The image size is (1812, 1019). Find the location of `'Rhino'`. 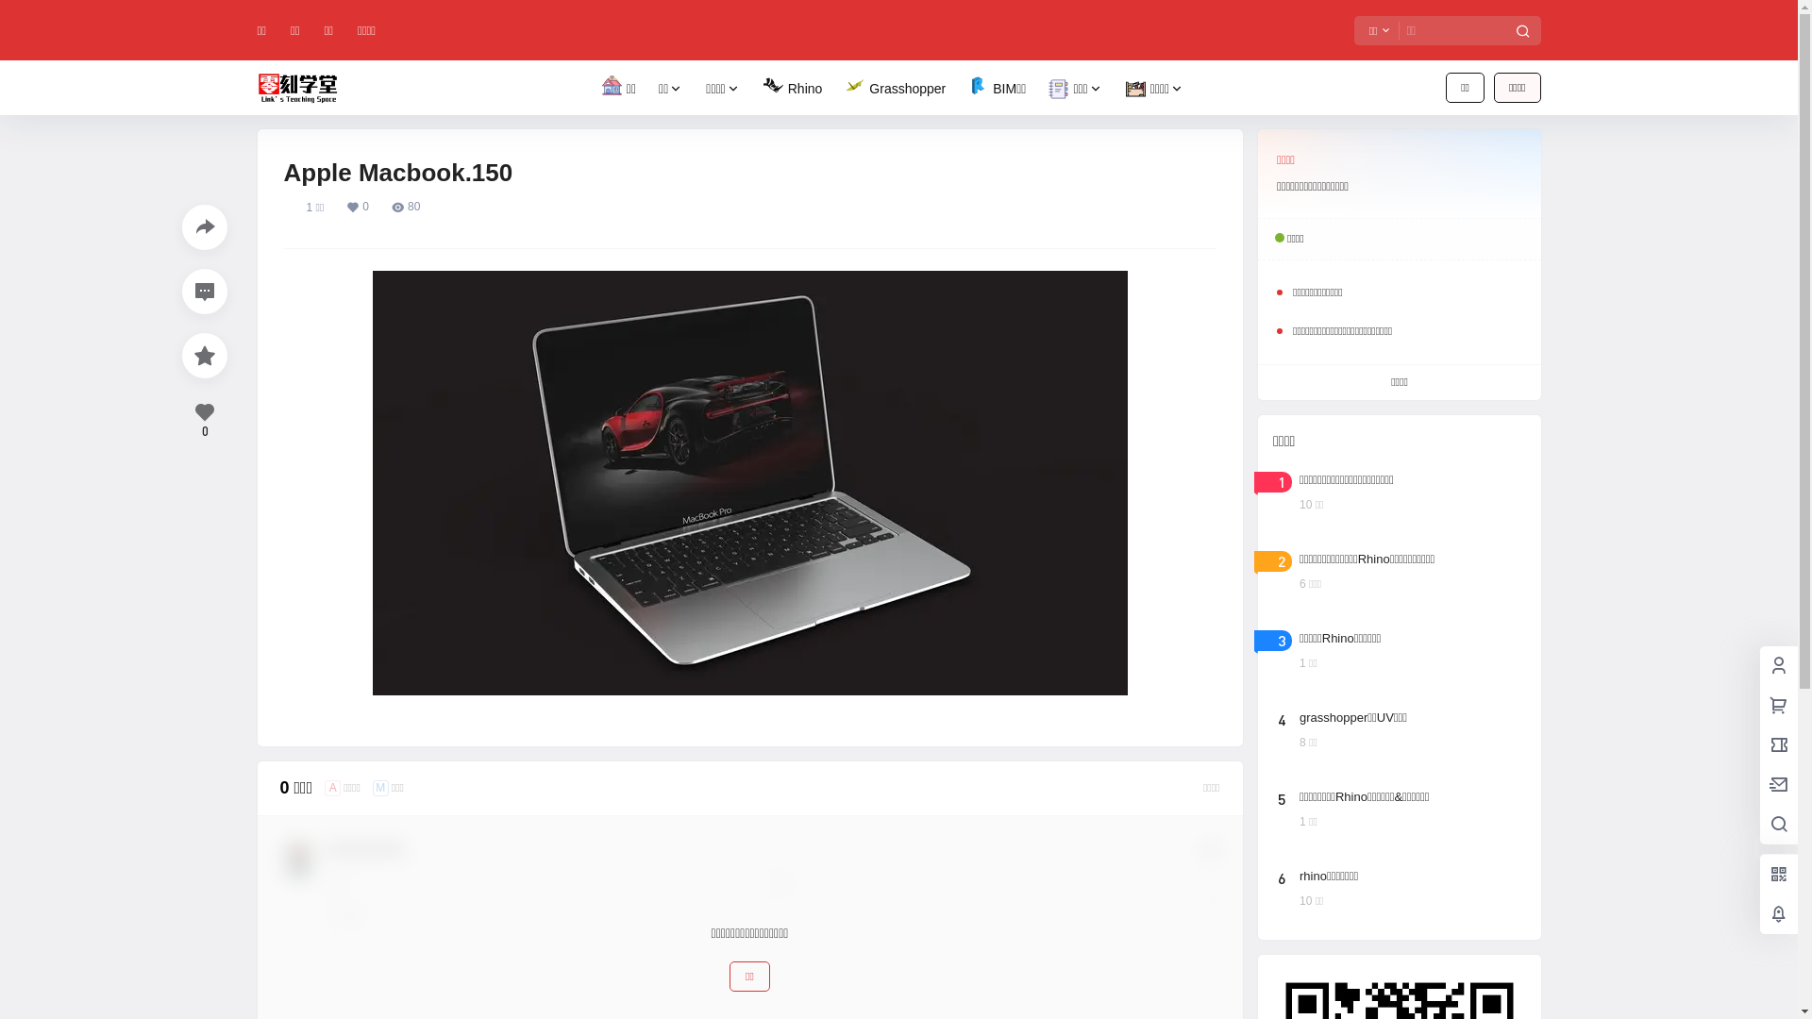

'Rhino' is located at coordinates (793, 89).